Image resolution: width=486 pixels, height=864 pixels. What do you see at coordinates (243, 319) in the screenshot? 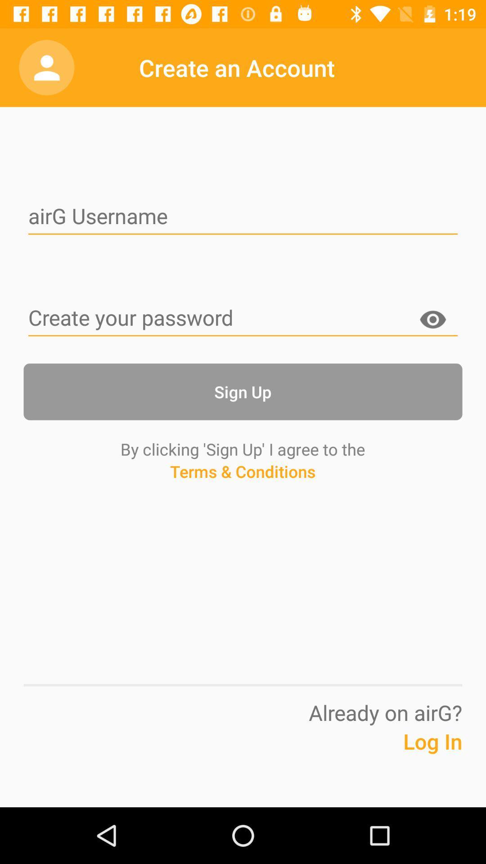
I see `password` at bounding box center [243, 319].